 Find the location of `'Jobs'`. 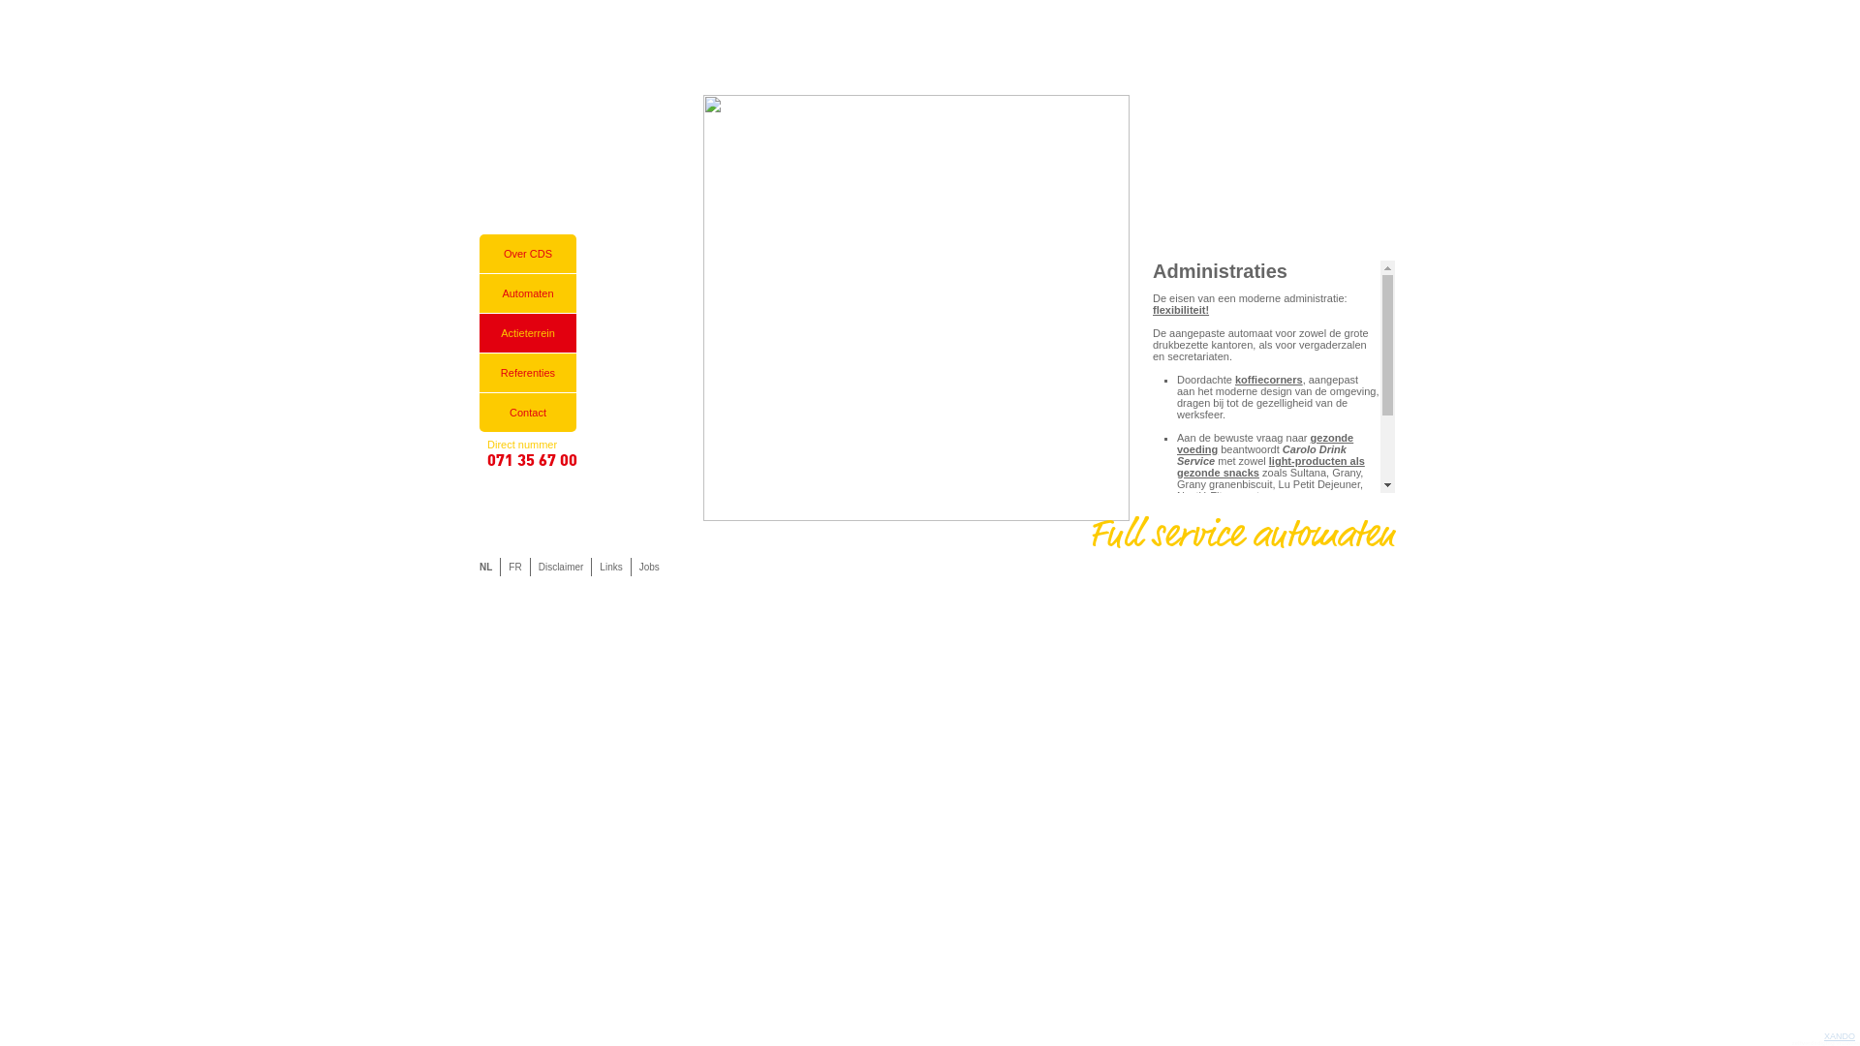

'Jobs' is located at coordinates (649, 567).